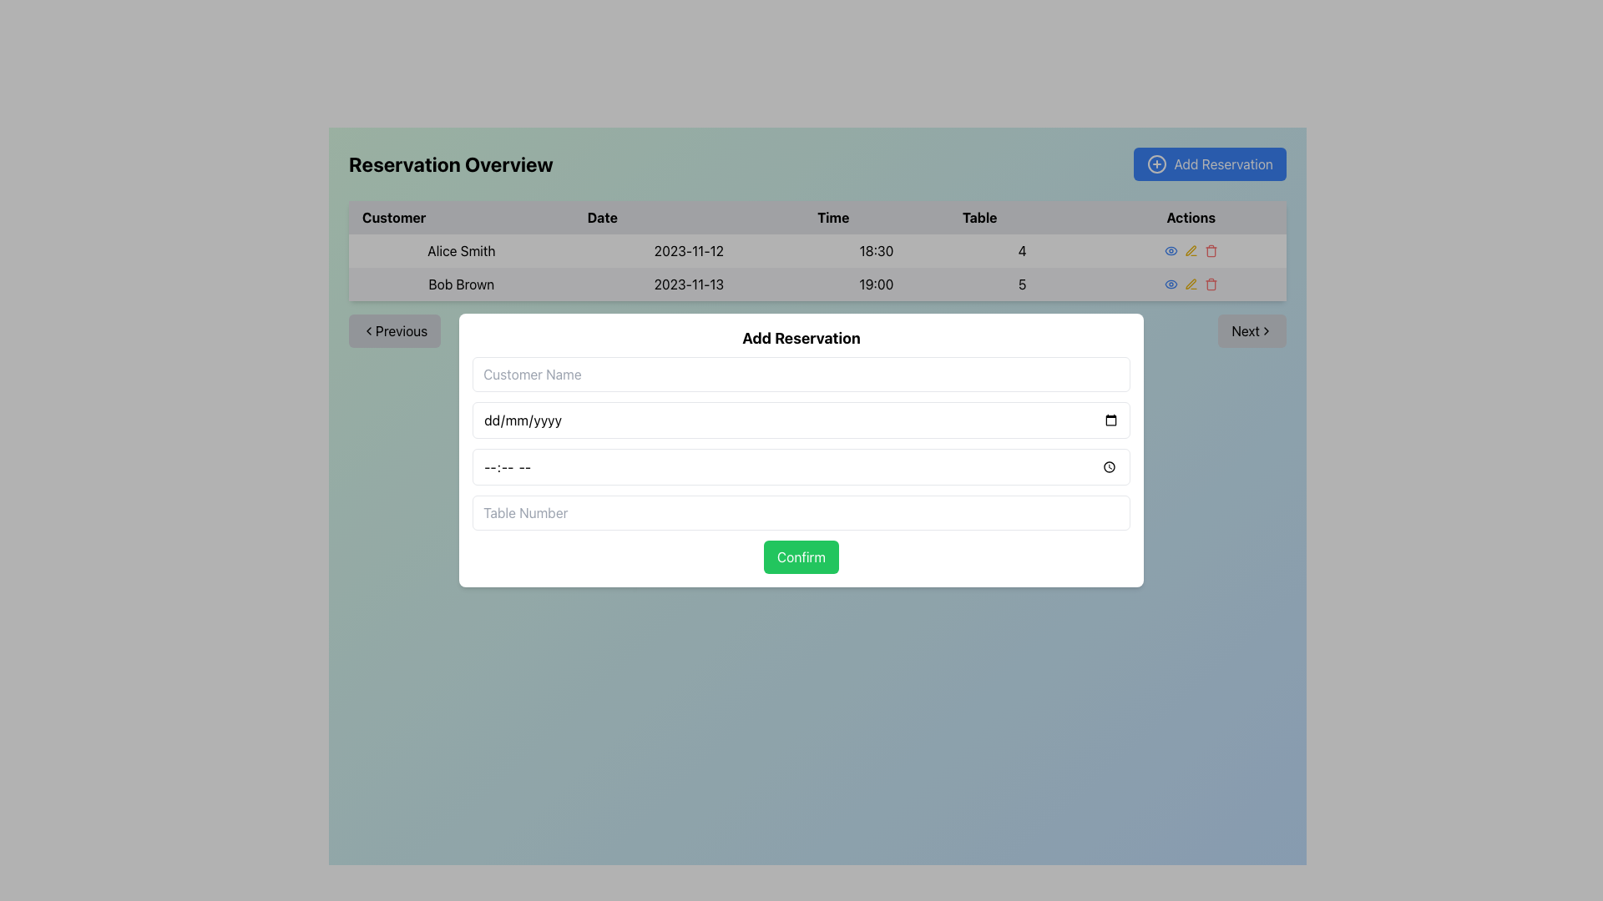 This screenshot has height=901, width=1603. I want to click on the text element displaying the reservation date for the customer, located in the second cell of the first data row in the 'Date' column, between 'Alice Smith' and '18:30', so click(689, 250).